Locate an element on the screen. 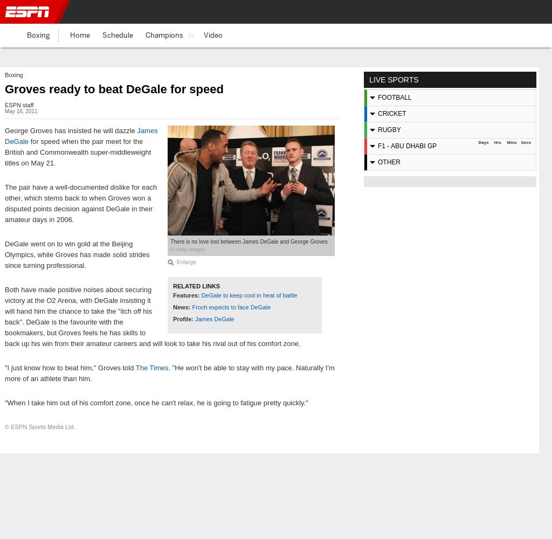  'for speed when the pair meet for the British and Commonwealth super-middleweight titles on May 21.' is located at coordinates (77, 152).